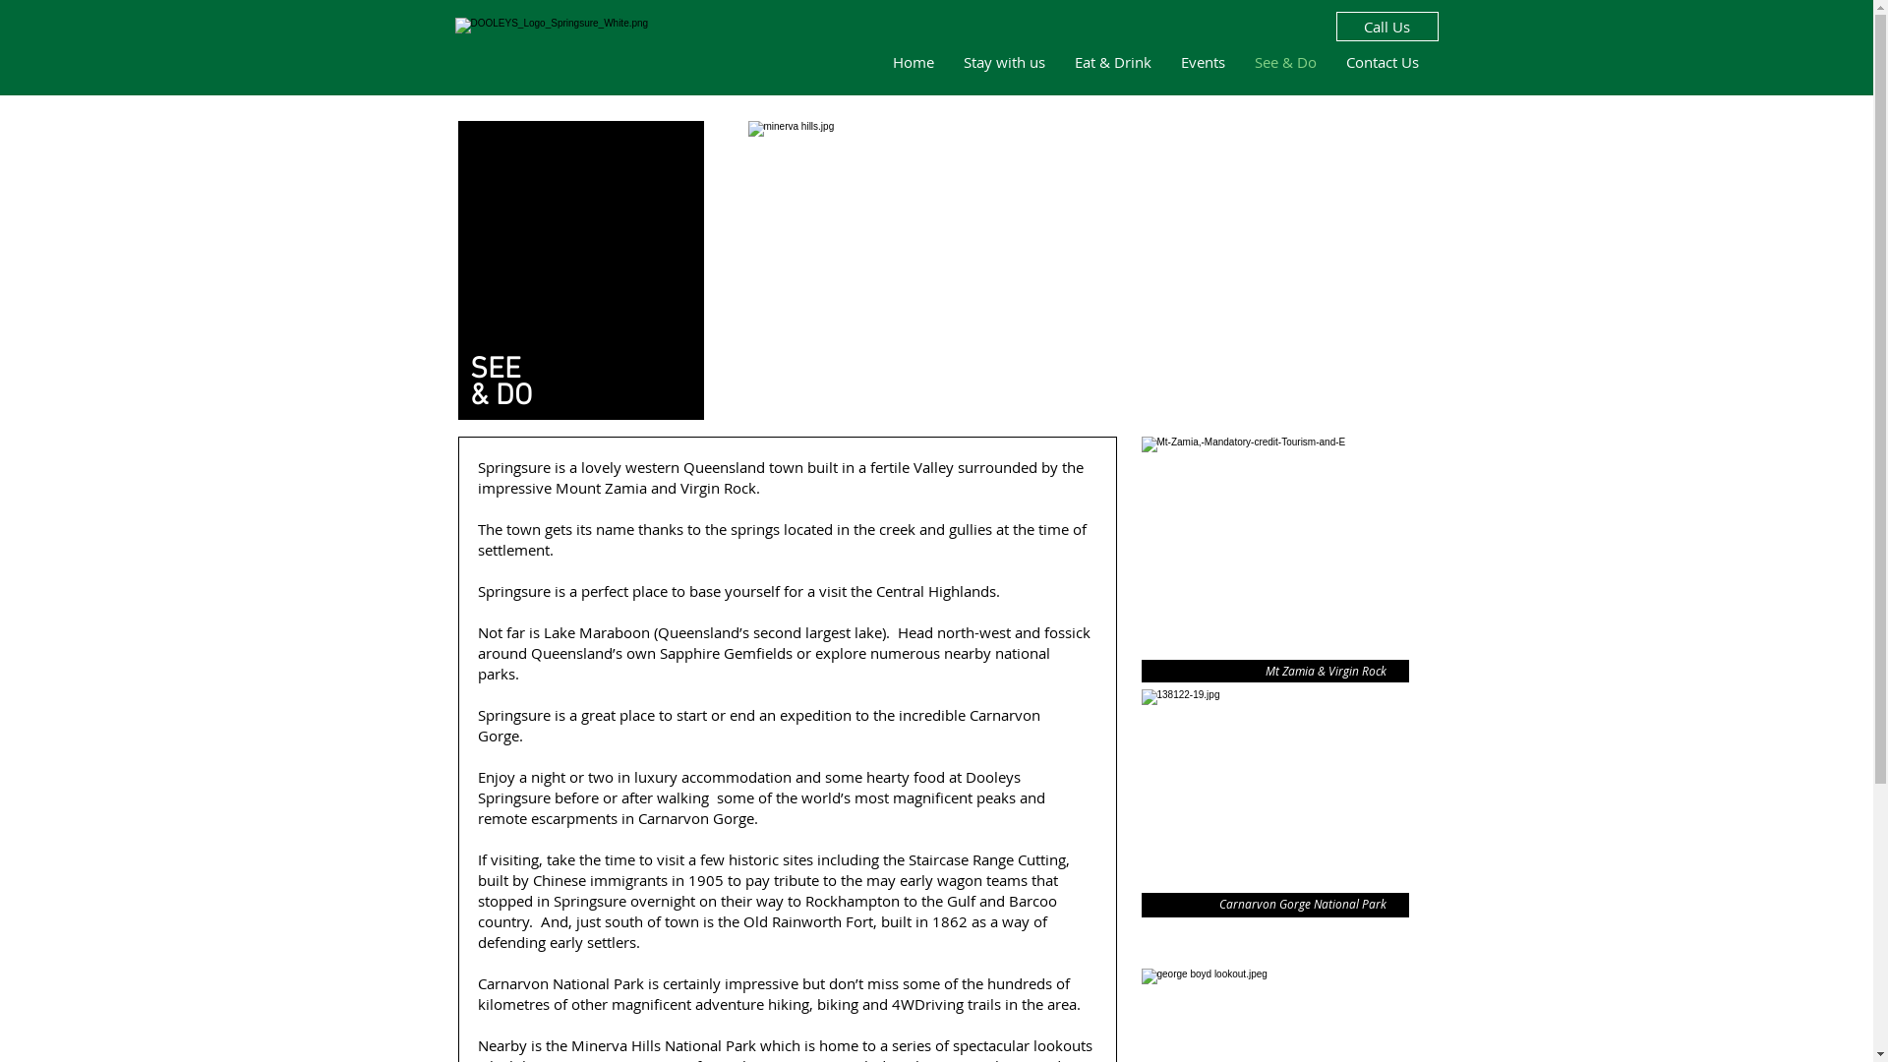 This screenshot has width=1888, height=1062. What do you see at coordinates (911, 60) in the screenshot?
I see `'Home'` at bounding box center [911, 60].